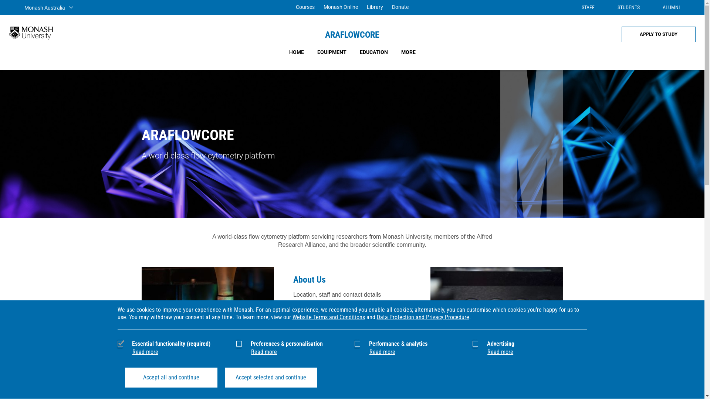 The image size is (710, 399). What do you see at coordinates (373, 52) in the screenshot?
I see `'EDUCATION'` at bounding box center [373, 52].